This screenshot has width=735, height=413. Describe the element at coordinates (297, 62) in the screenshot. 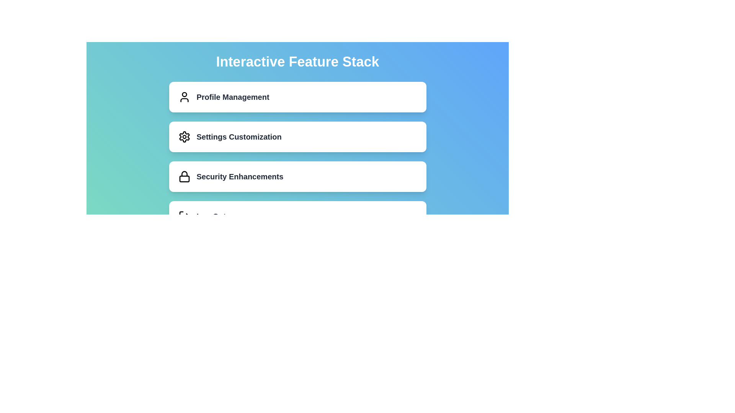

I see `text content of the bold, large white text label displaying 'Interactive Feature Stack', which is prominently positioned above the options list` at that location.